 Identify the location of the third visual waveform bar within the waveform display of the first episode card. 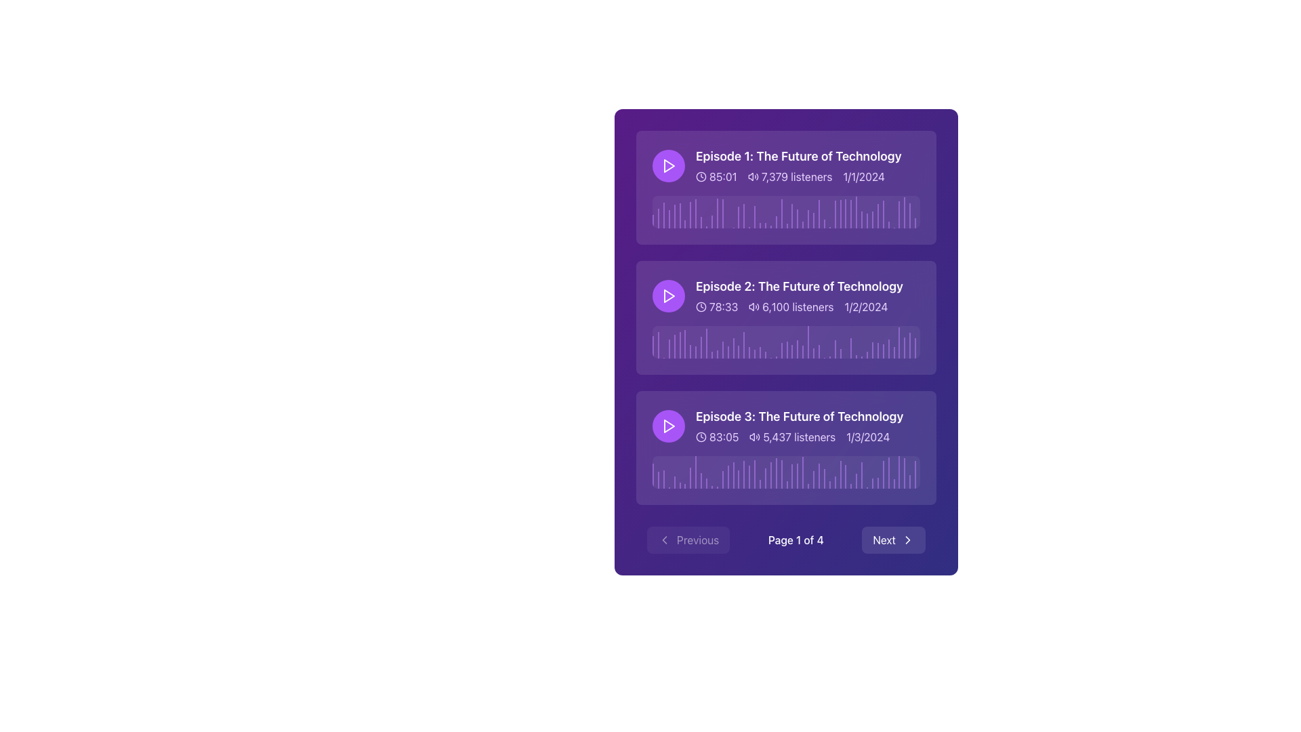
(663, 215).